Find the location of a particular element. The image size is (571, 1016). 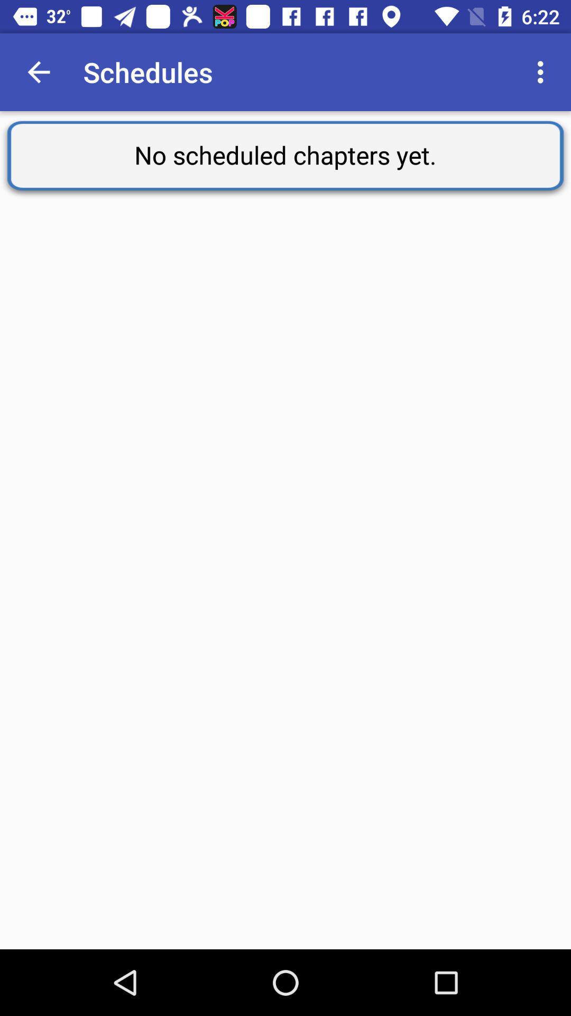

the app next to schedules is located at coordinates (38, 71).